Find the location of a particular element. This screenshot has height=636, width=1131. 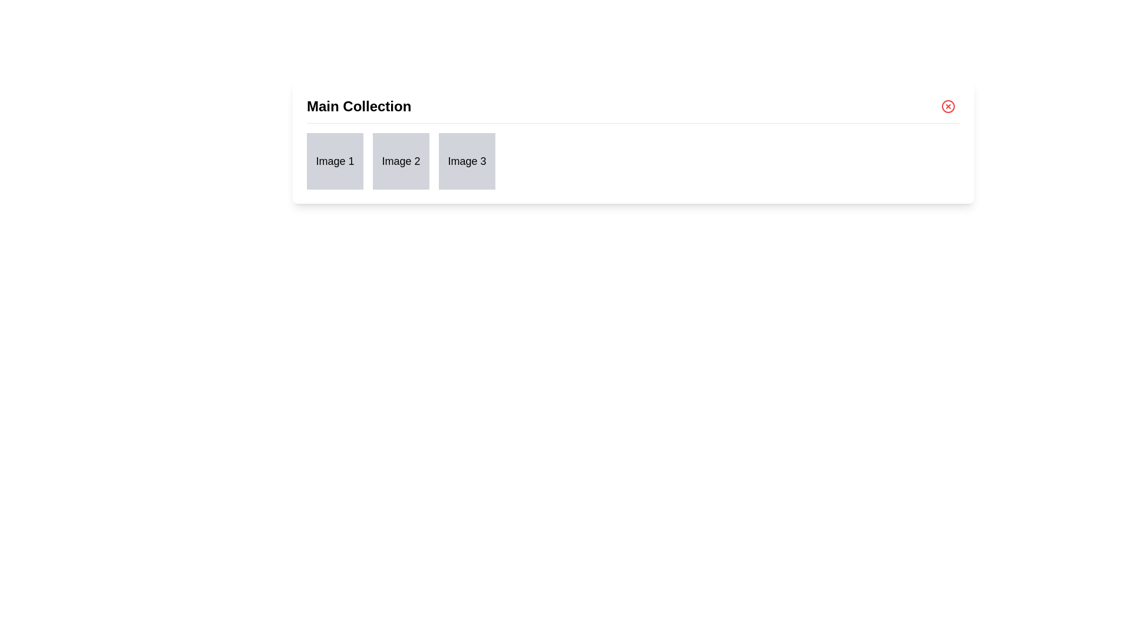

the 'Image 1' button with a light gray background, which is the leftmost button in the group under the 'Main Collection' header is located at coordinates (335, 161).